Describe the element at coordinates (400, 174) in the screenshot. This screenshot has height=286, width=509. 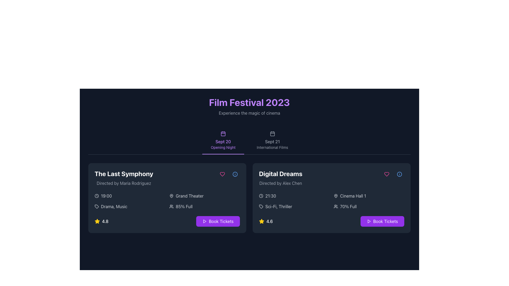
I see `the circular vector graphic located at the center of the icon in the top right corner of the 'Digital Dreams' card` at that location.